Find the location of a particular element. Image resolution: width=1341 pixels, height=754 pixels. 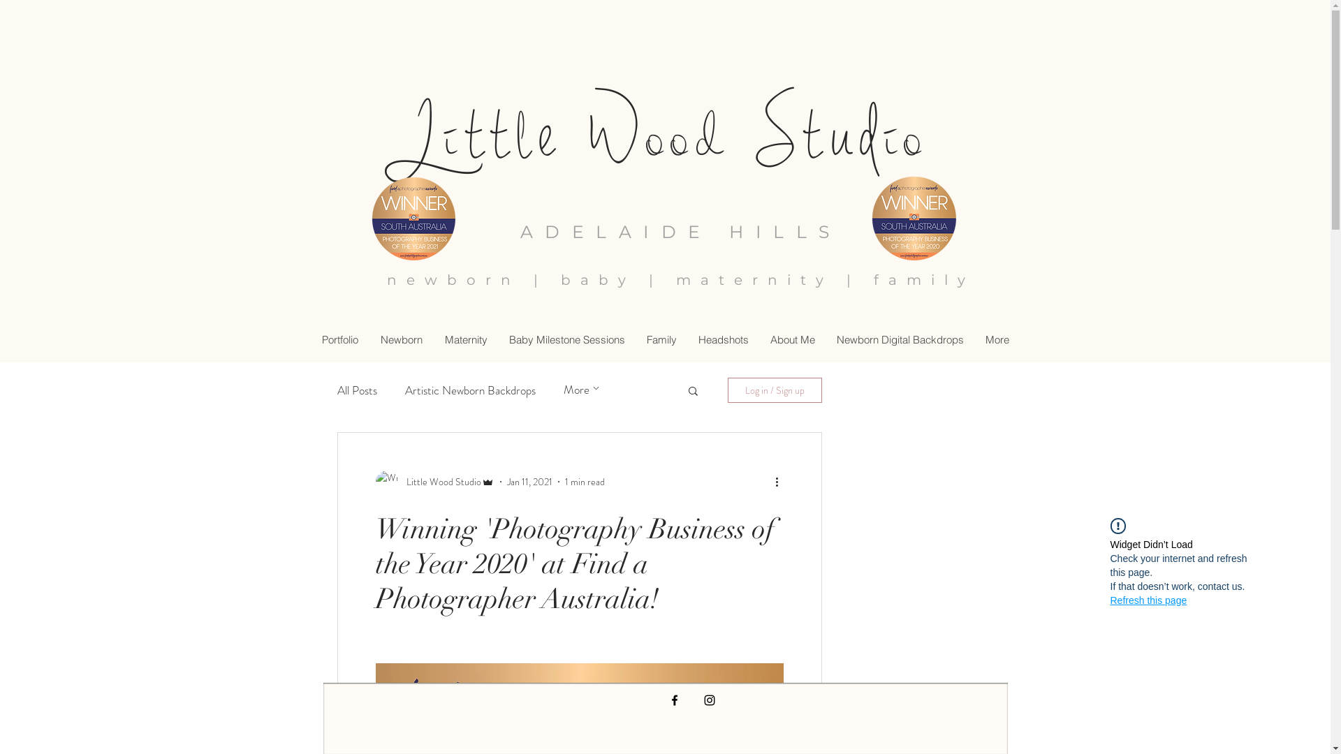

'Baby Milestone Sessions' is located at coordinates (566, 339).